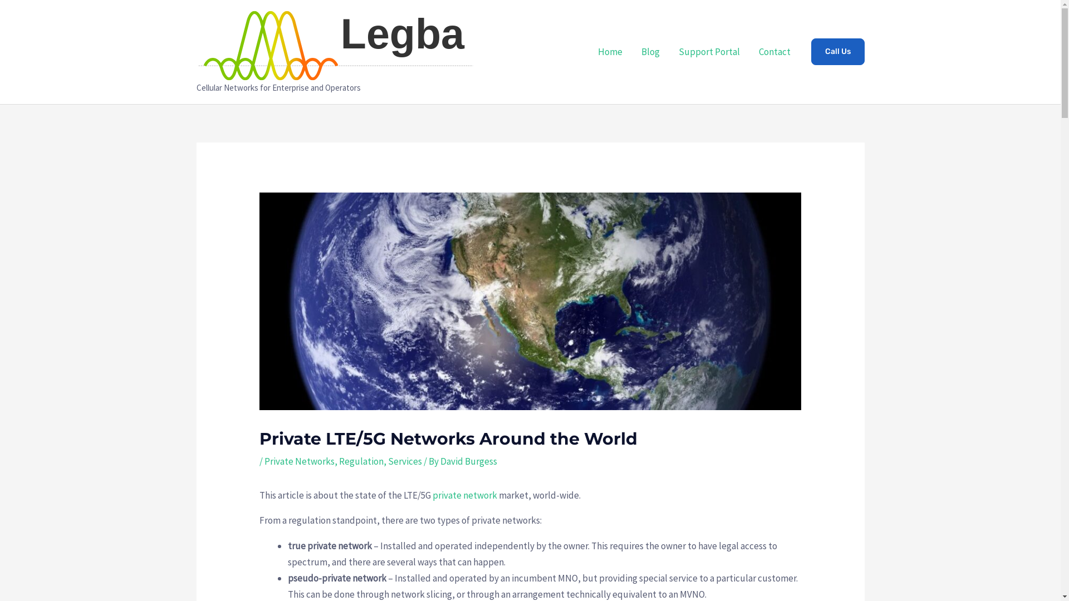  What do you see at coordinates (609, 51) in the screenshot?
I see `'Home'` at bounding box center [609, 51].